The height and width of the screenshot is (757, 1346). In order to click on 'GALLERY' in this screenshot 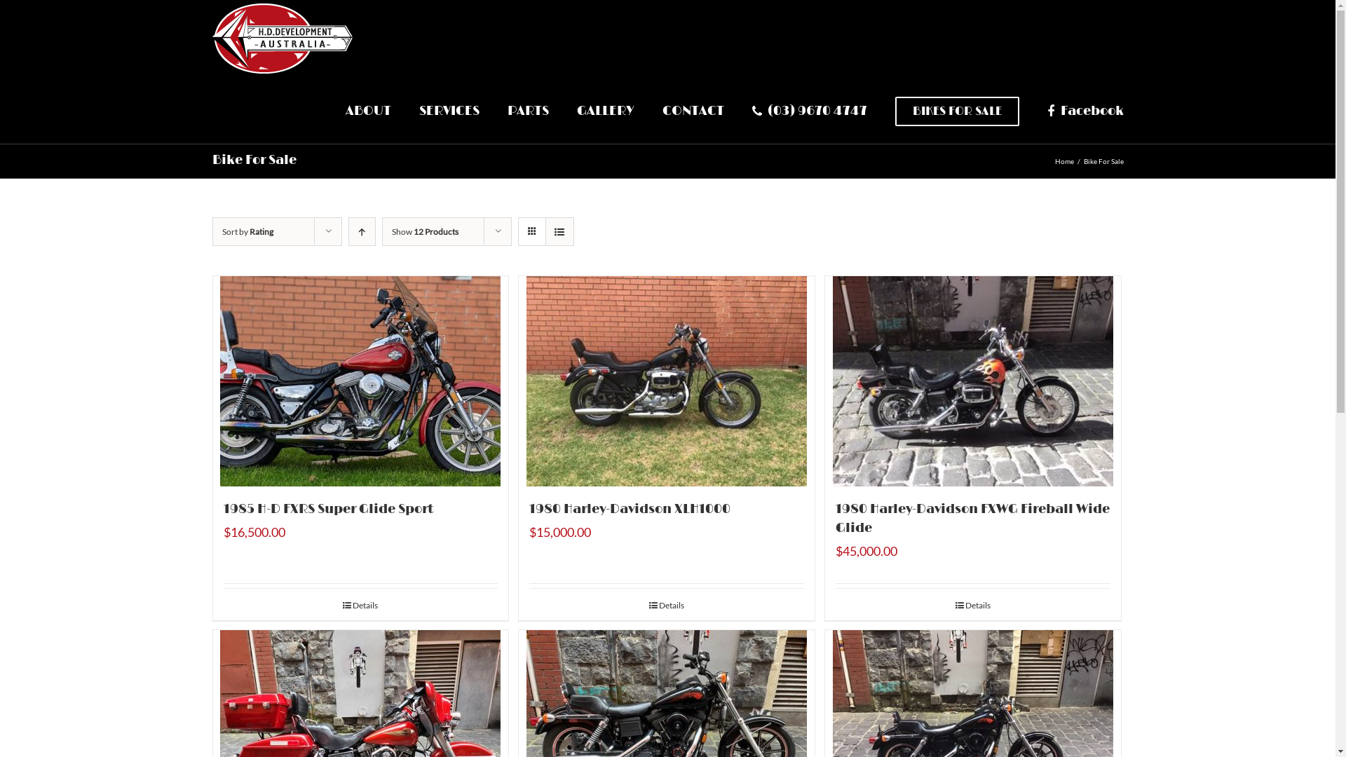, I will do `click(606, 109)`.